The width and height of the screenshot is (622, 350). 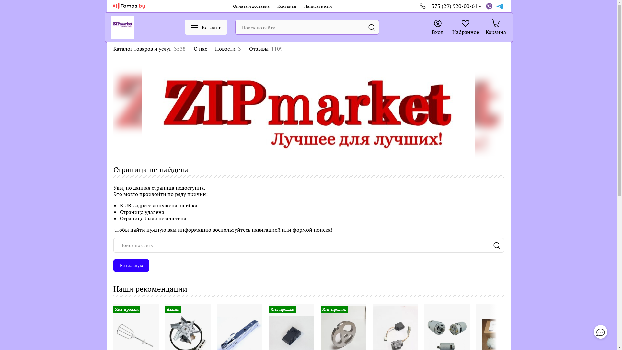 I want to click on 'Telegram', so click(x=496, y=6).